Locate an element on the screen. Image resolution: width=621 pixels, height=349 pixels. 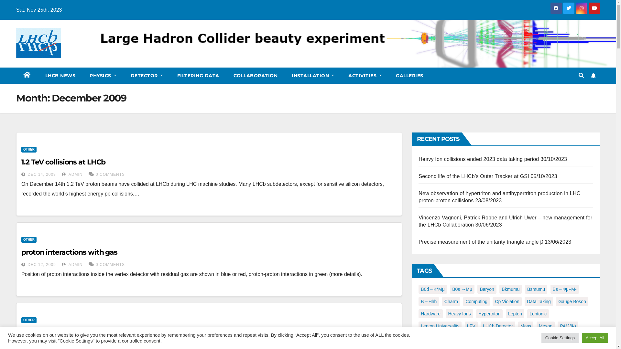
'Hypertriton' is located at coordinates (489, 313).